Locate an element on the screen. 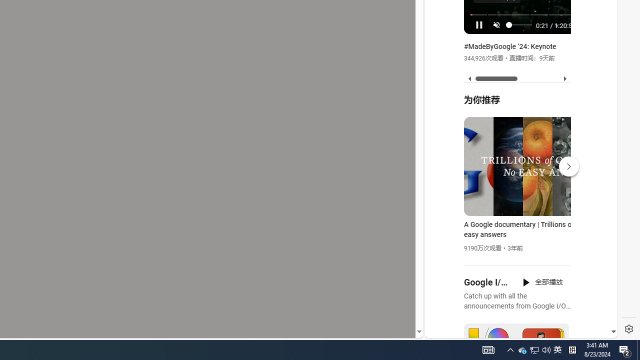 This screenshot has width=640, height=360. 'Global web icon' is located at coordinates (443, 215).